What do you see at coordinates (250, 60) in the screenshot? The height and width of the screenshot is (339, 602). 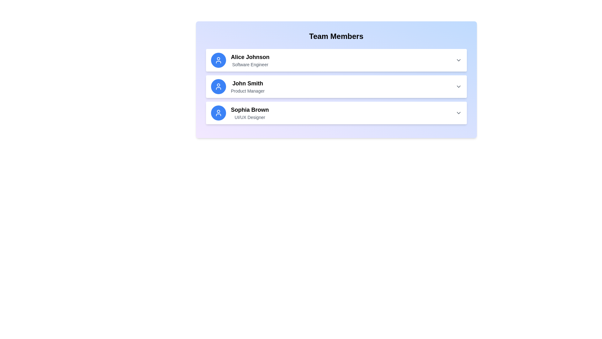 I see `and understand the text content of the profile block displaying 'Alice Johnson' and 'Software Engineer', located in the 'Team Members' section, aligned to the right of the person icon` at bounding box center [250, 60].